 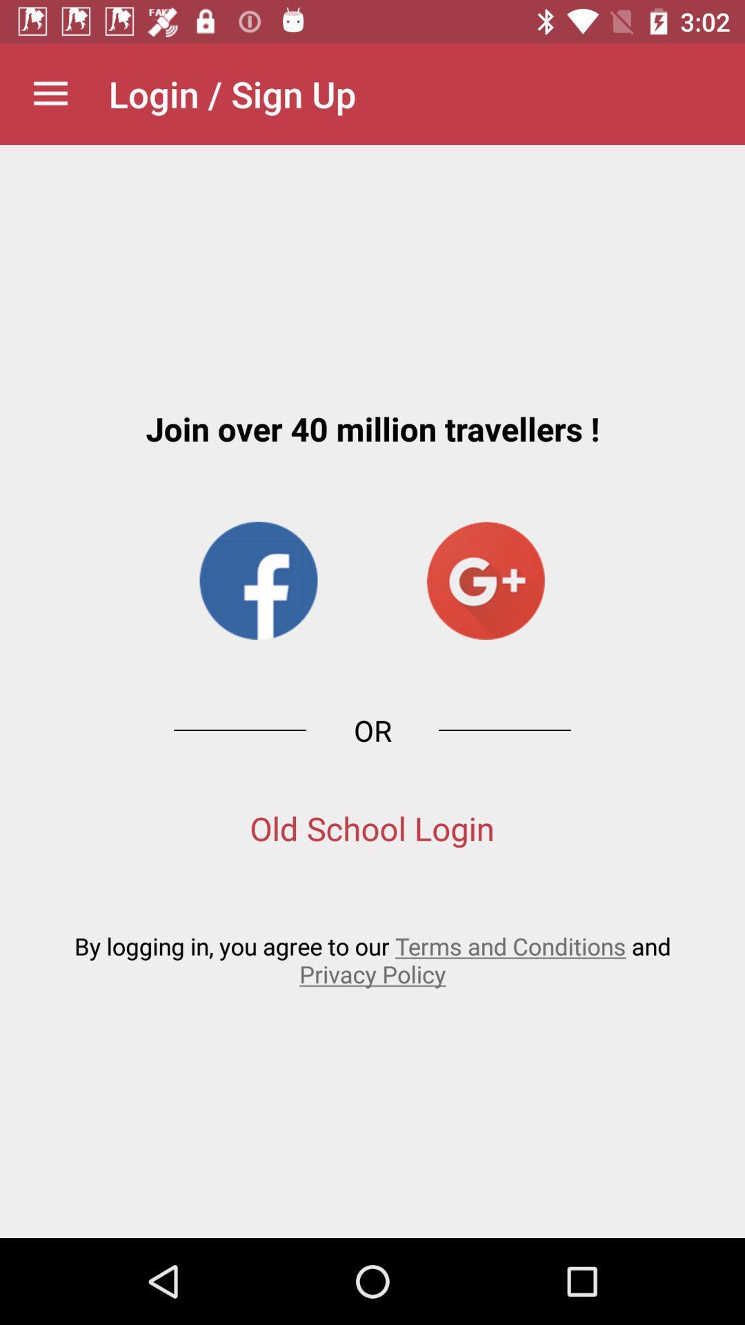 What do you see at coordinates (485, 580) in the screenshot?
I see `the icon below join over 40` at bounding box center [485, 580].